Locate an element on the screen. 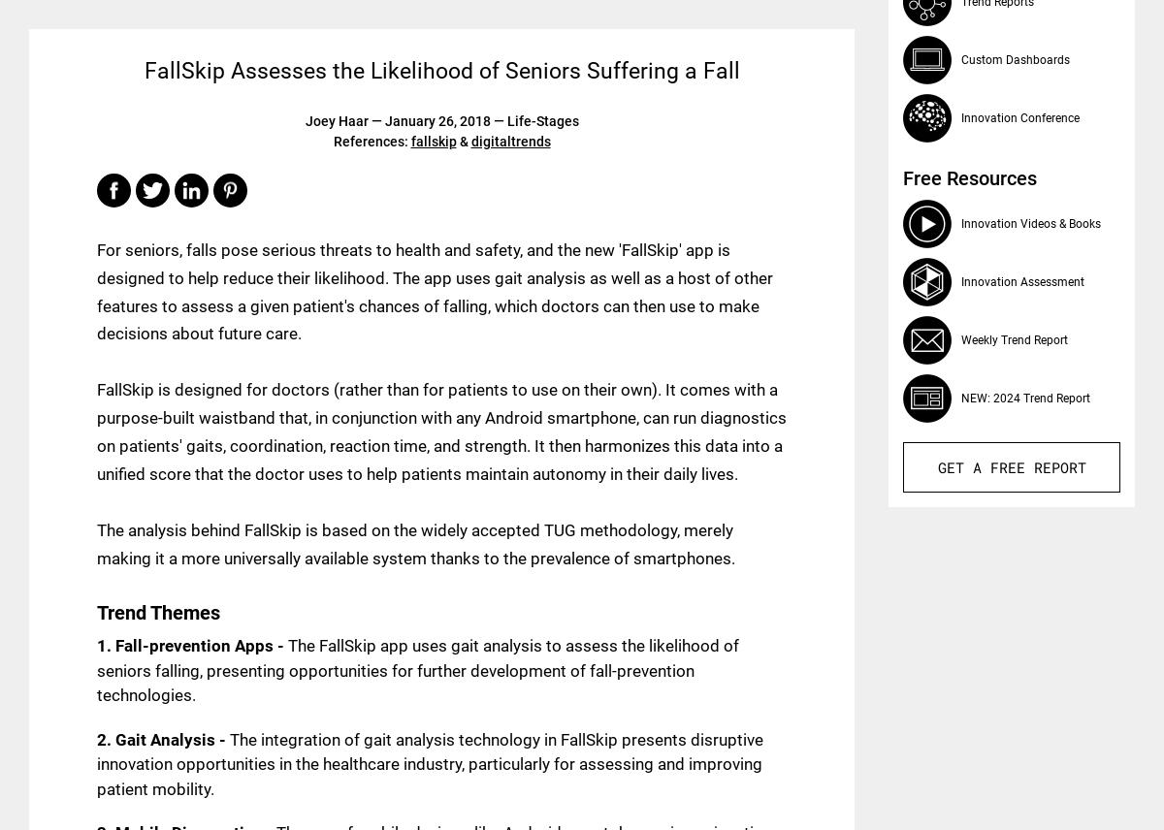  '&' is located at coordinates (462, 141).